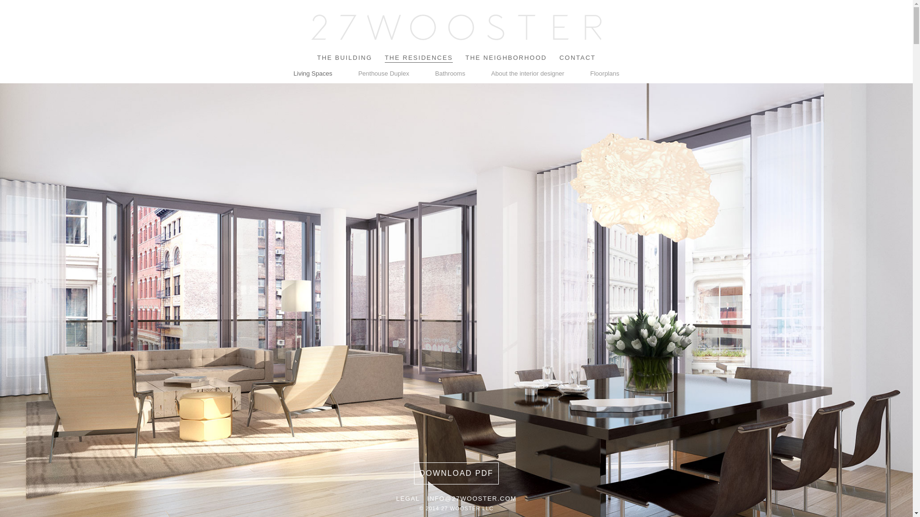 Image resolution: width=920 pixels, height=517 pixels. Describe the element at coordinates (576, 57) in the screenshot. I see `'CONTACT'` at that location.